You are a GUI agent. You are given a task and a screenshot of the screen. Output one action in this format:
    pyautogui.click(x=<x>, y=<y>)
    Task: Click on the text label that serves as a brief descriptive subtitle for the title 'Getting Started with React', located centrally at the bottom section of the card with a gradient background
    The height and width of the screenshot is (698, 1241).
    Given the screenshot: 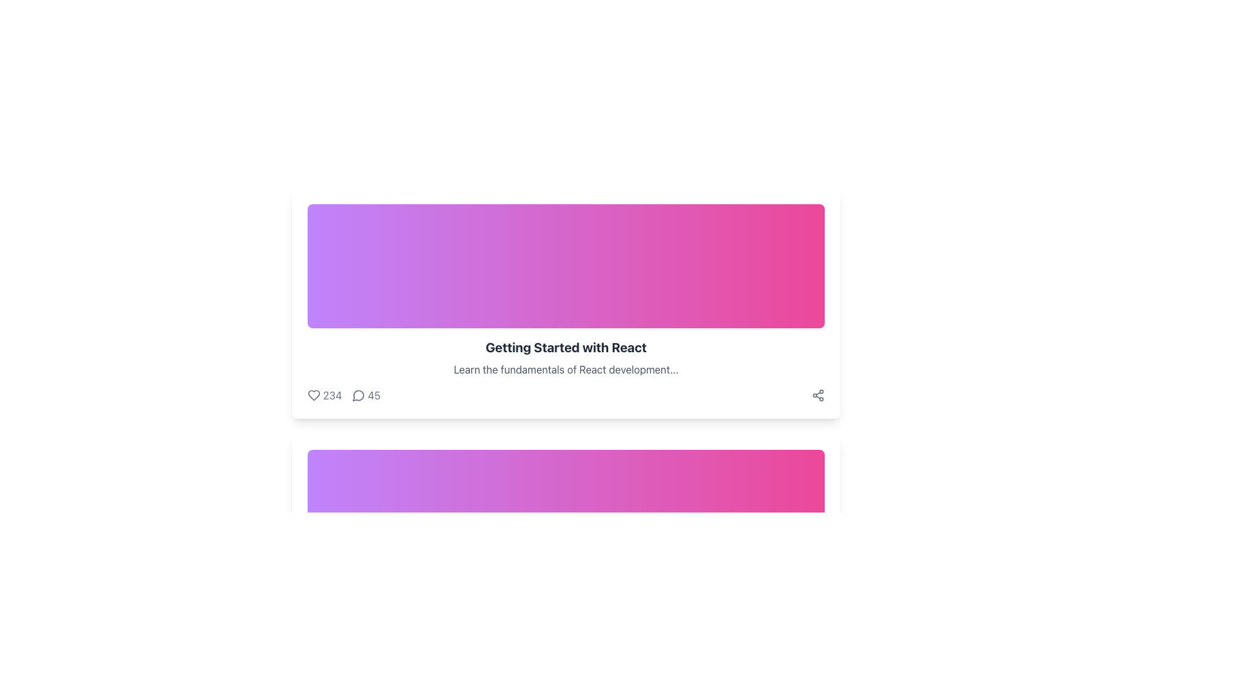 What is the action you would take?
    pyautogui.click(x=566, y=369)
    